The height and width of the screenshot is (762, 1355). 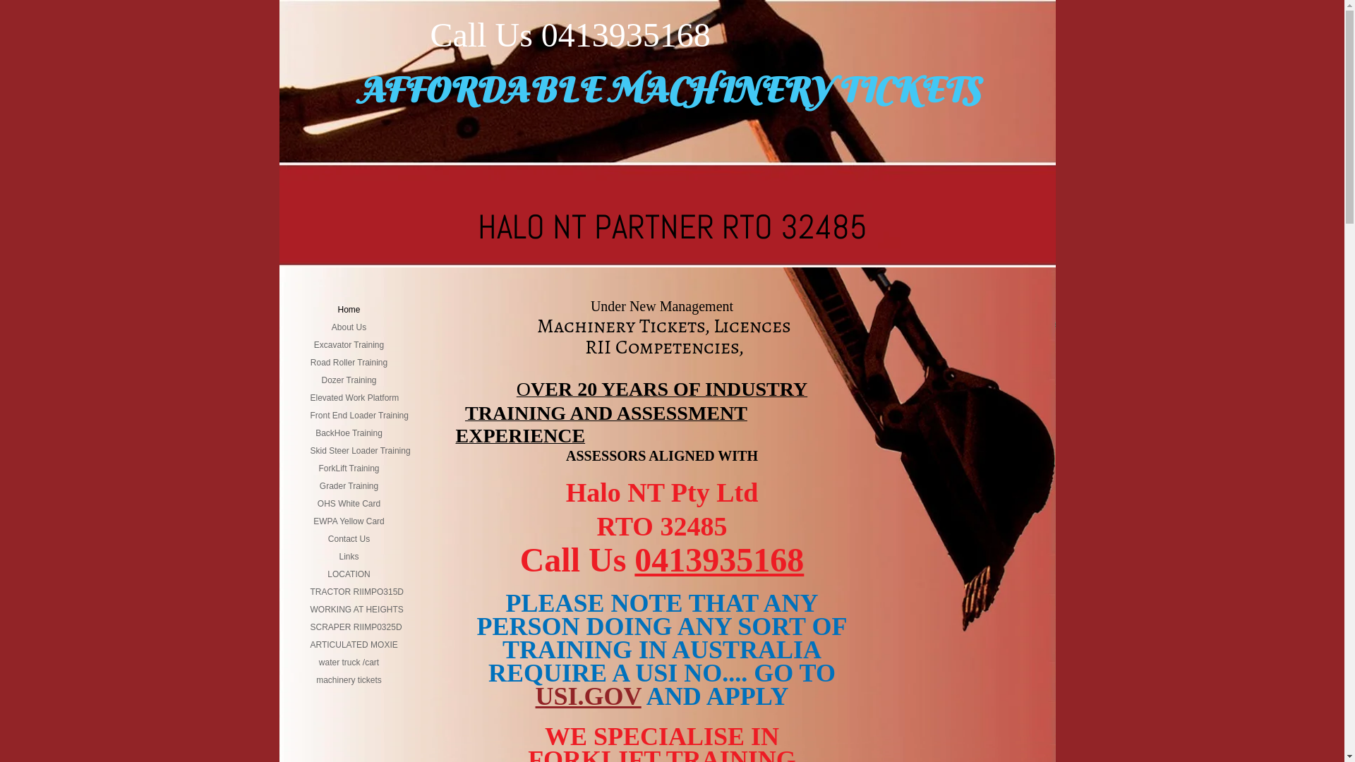 What do you see at coordinates (349, 502) in the screenshot?
I see `'OHS White Card'` at bounding box center [349, 502].